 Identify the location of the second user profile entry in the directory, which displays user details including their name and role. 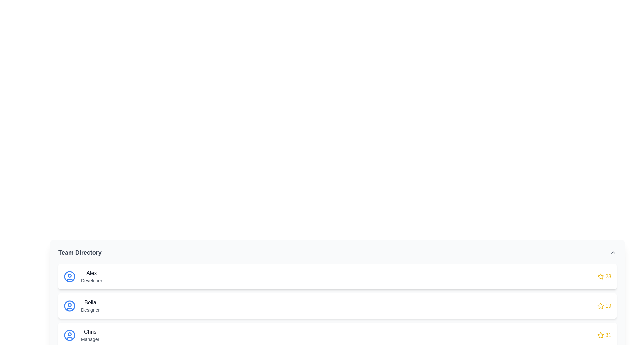
(81, 306).